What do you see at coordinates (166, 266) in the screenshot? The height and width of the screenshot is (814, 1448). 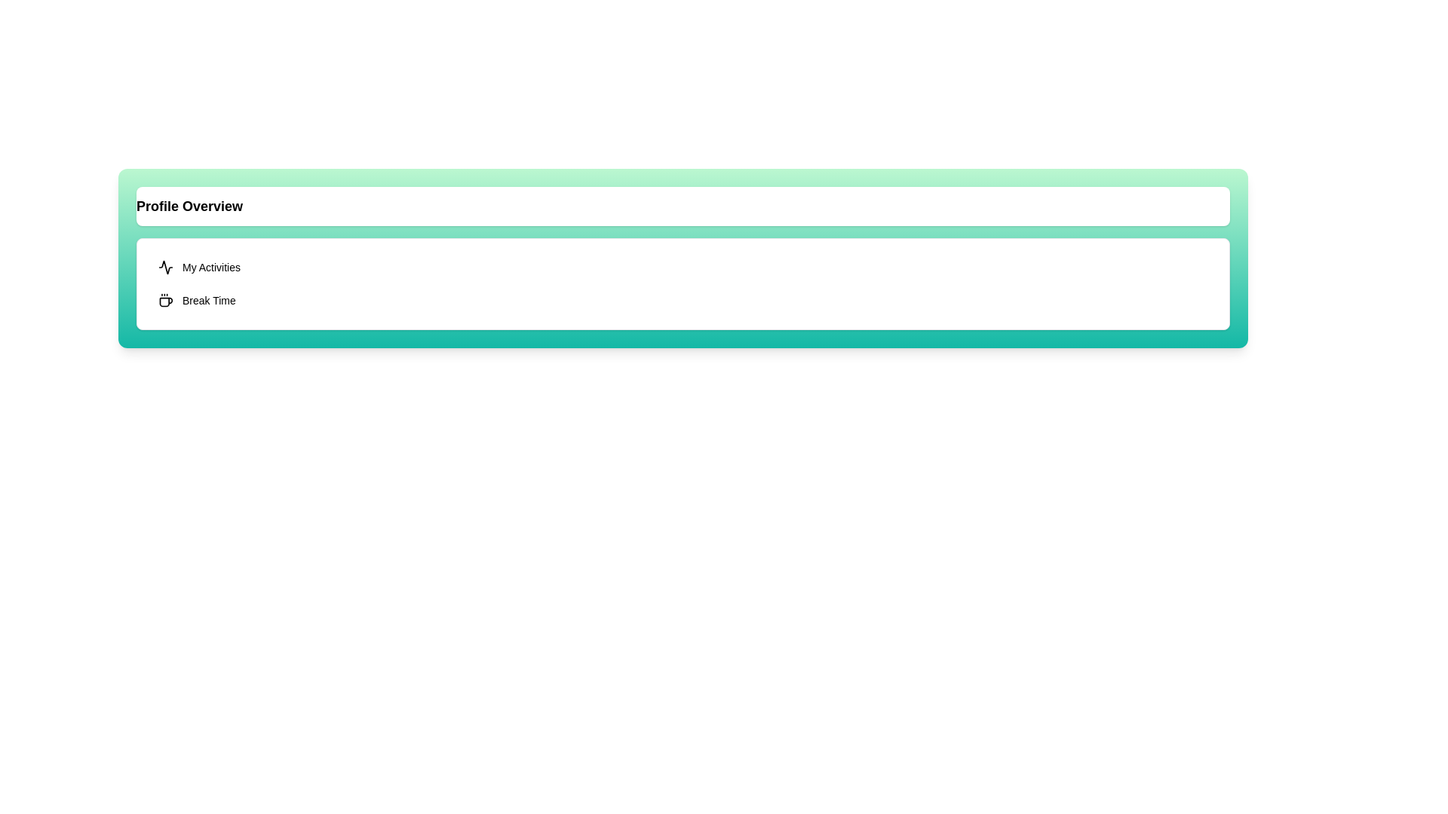 I see `the icon labeled 'My Activities' to perform its associated action` at bounding box center [166, 266].